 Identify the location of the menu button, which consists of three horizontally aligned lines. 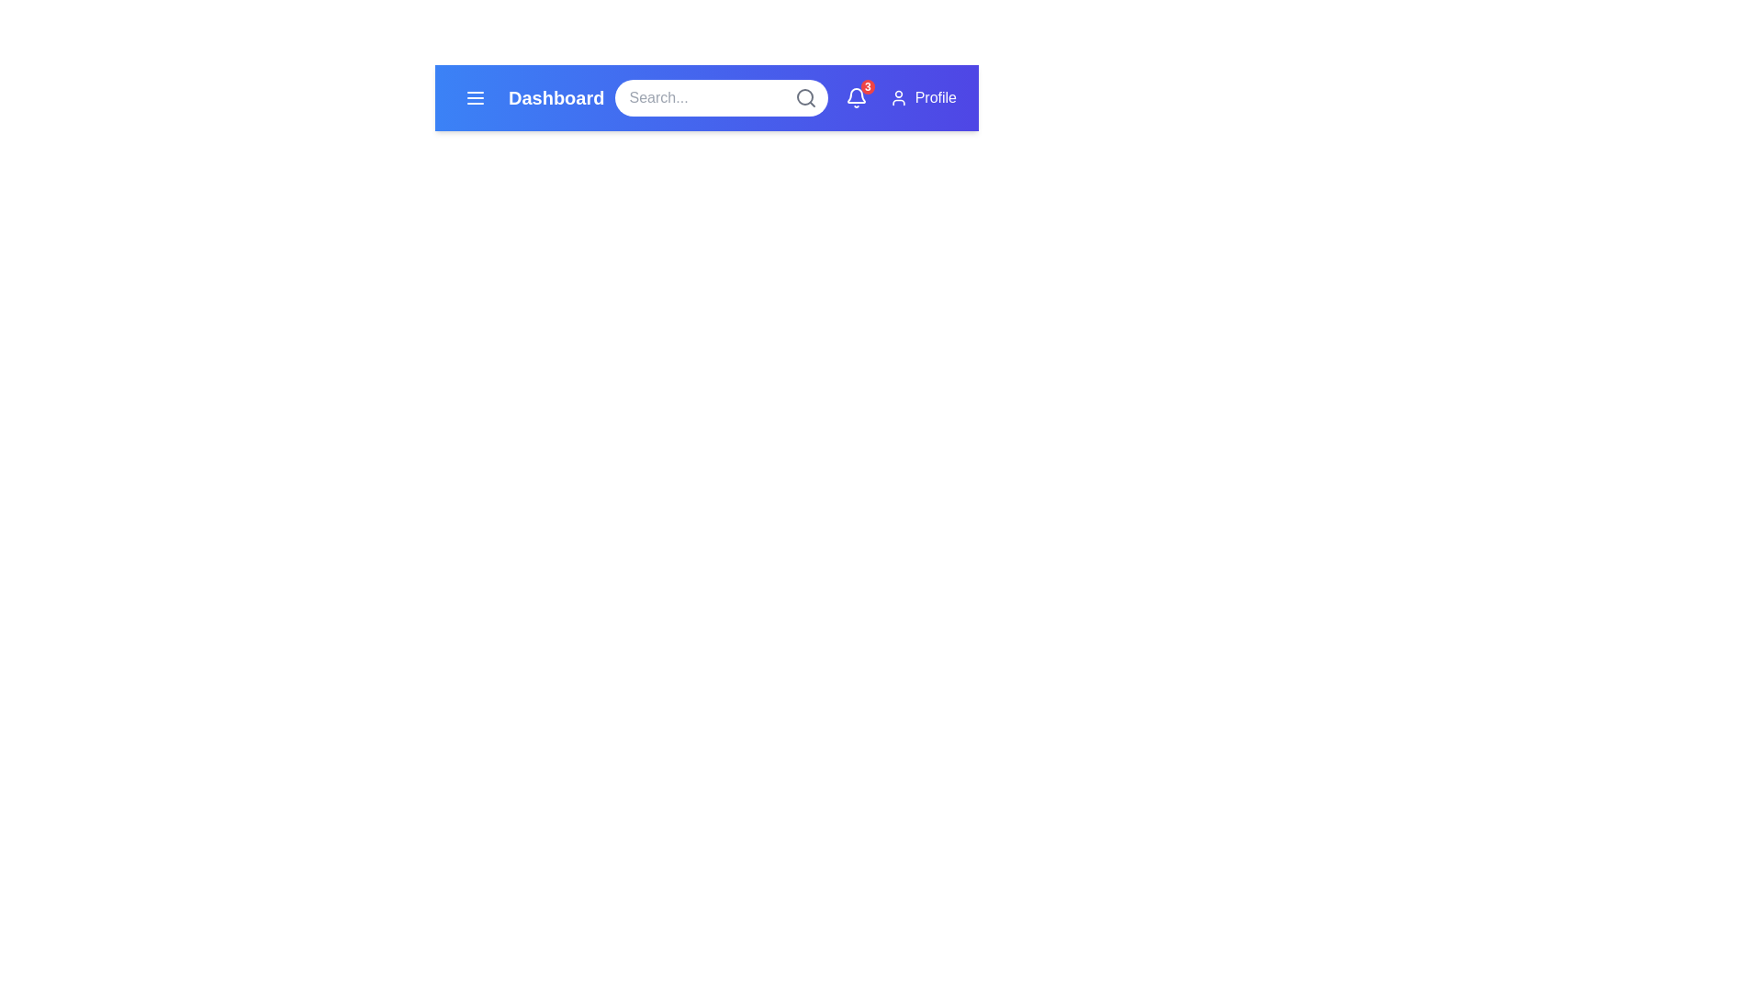
(476, 98).